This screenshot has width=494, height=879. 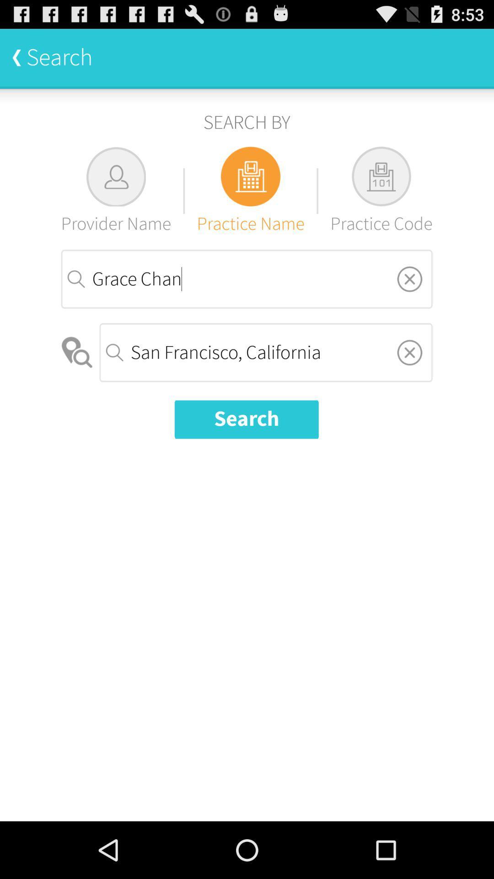 What do you see at coordinates (409, 298) in the screenshot?
I see `the close icon` at bounding box center [409, 298].